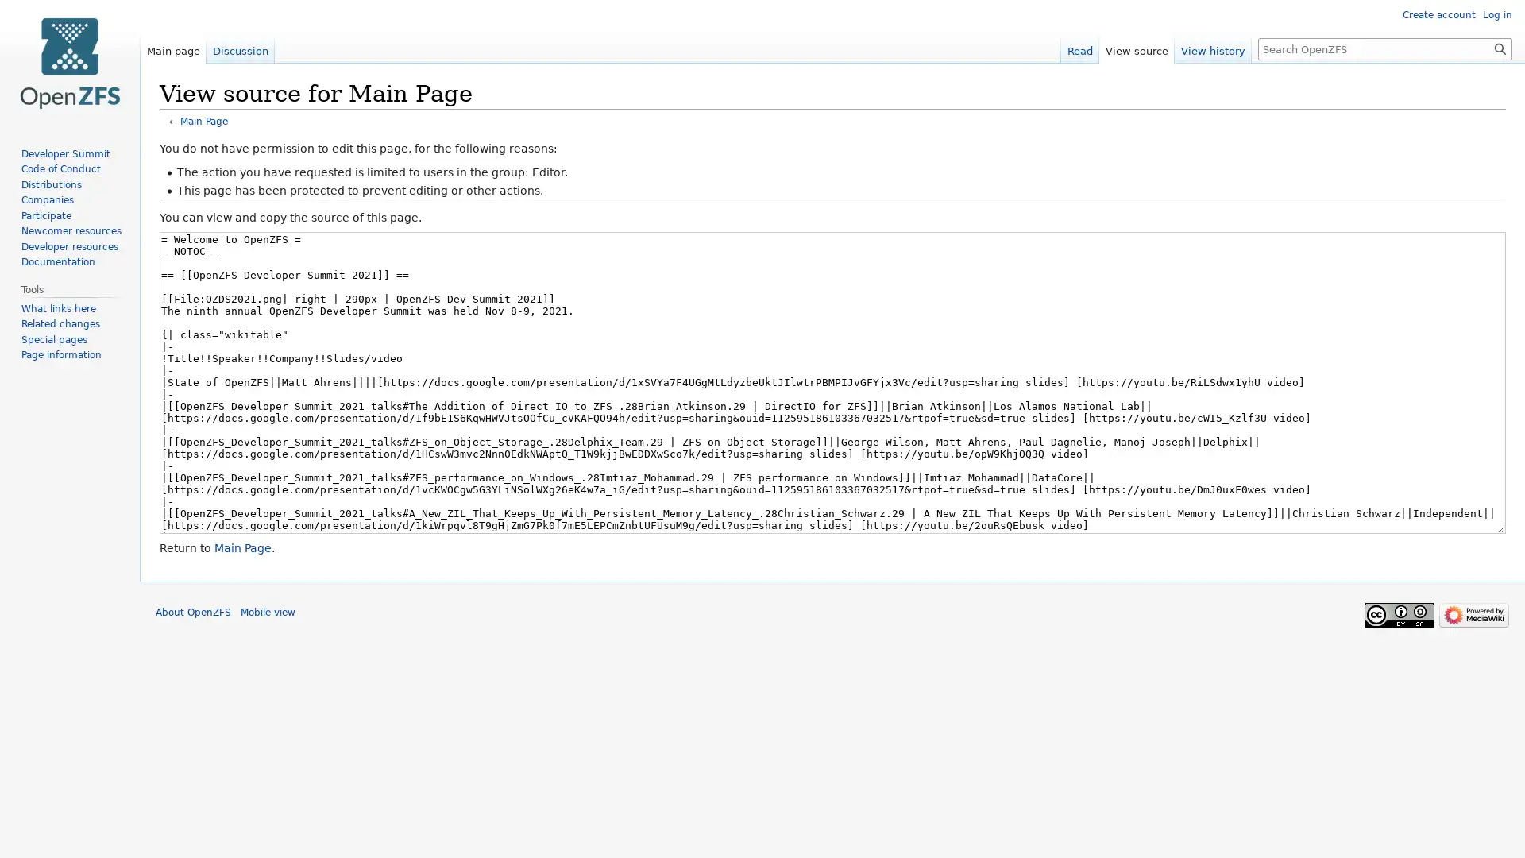 The width and height of the screenshot is (1525, 858). I want to click on Search, so click(1500, 48).